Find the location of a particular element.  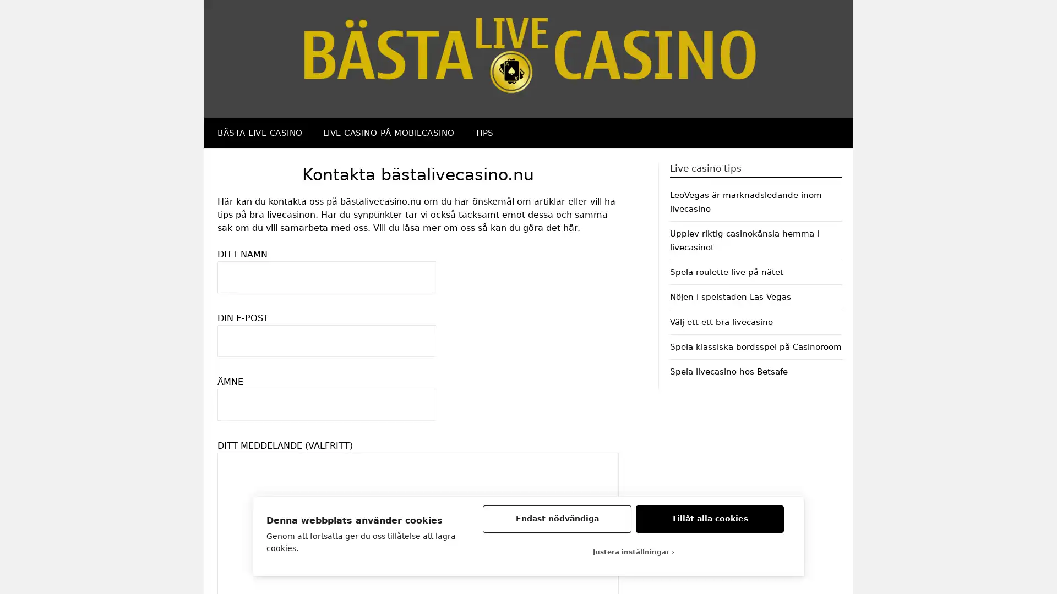

Tillat alla cookies is located at coordinates (710, 519).